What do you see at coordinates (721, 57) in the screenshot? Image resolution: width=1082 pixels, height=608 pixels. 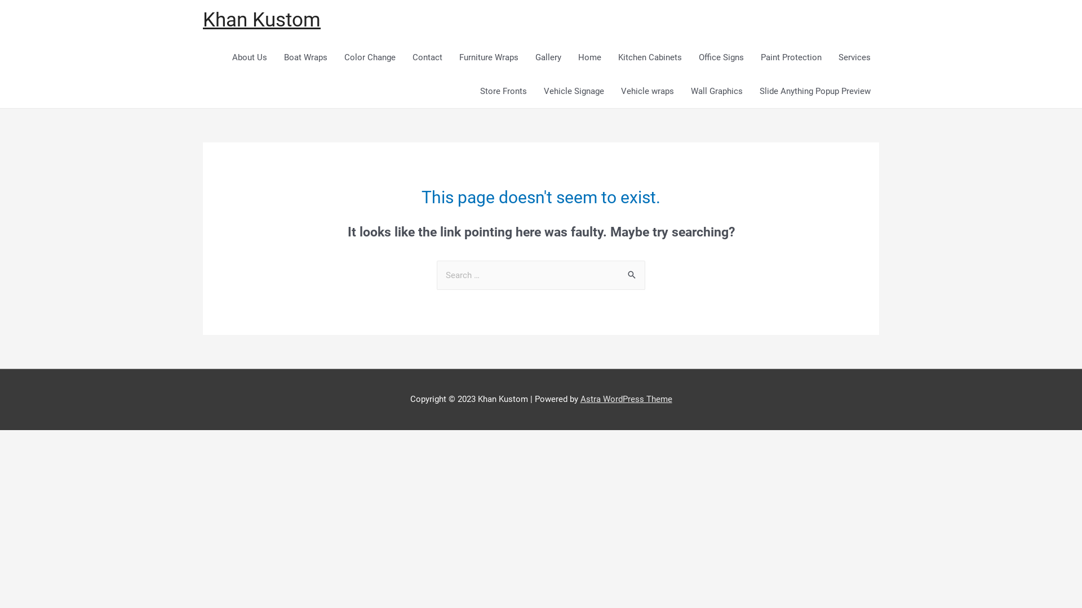 I see `'Office Signs'` at bounding box center [721, 57].